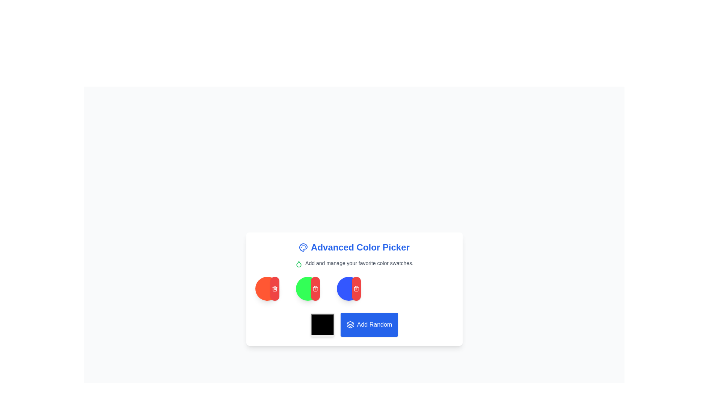  I want to click on the circular red button with a white trash bin icon located on the right side of the green circular area within the 'Advanced Color Picker' section, so click(315, 288).